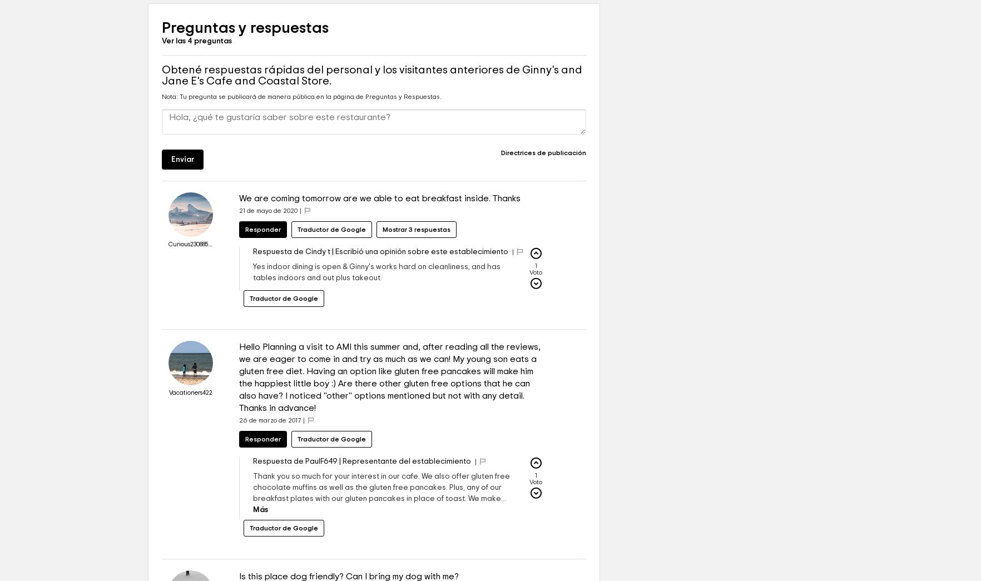 The height and width of the screenshot is (581, 981). Describe the element at coordinates (301, 129) in the screenshot. I see `'Nota: Tu pregunta se publicará de manera pública en la página de Preguntas y Respuestas.'` at that location.